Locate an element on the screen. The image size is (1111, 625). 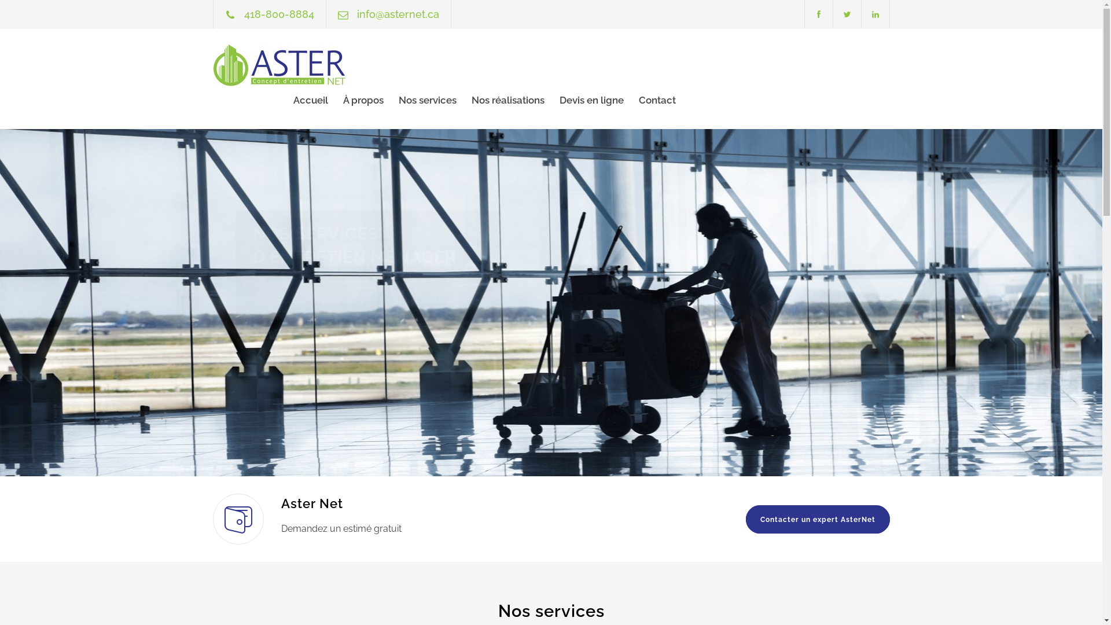
'Contact' is located at coordinates (650, 100).